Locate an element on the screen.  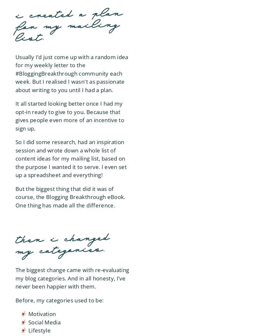
'Usually I’d just come up with a random idea for my weekly letter to the #BloggingBreakthrough community each week. But I realised I wasn't as passionate about writing to you until I had a plan.' is located at coordinates (72, 73).